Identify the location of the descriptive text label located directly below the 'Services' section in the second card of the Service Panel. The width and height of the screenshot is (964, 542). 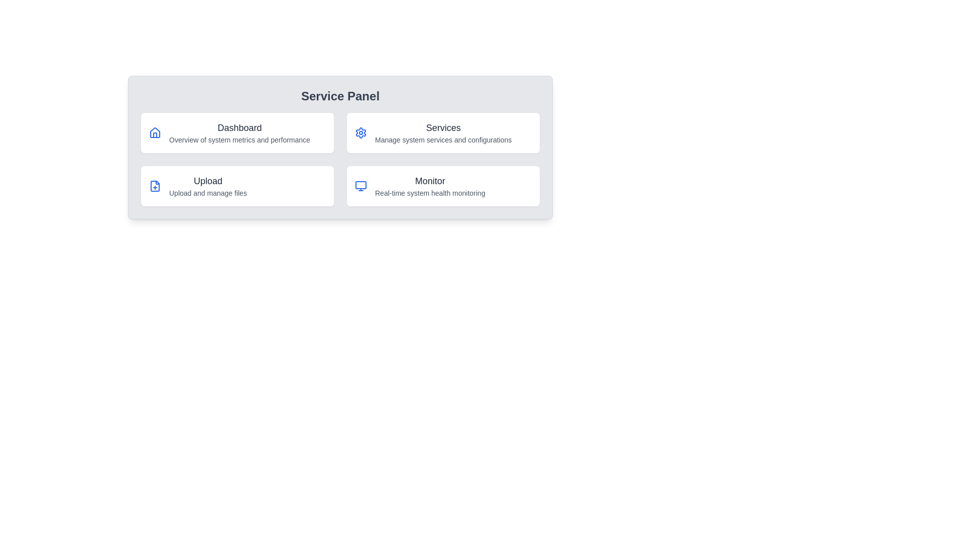
(443, 140).